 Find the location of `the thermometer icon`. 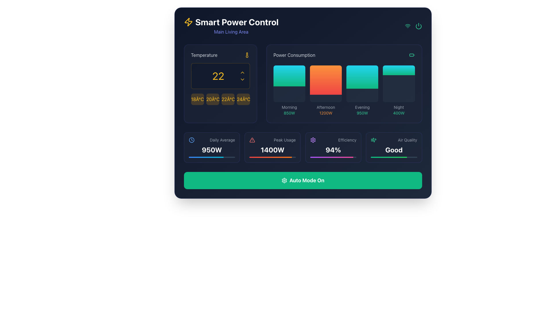

the thermometer icon is located at coordinates (247, 55).